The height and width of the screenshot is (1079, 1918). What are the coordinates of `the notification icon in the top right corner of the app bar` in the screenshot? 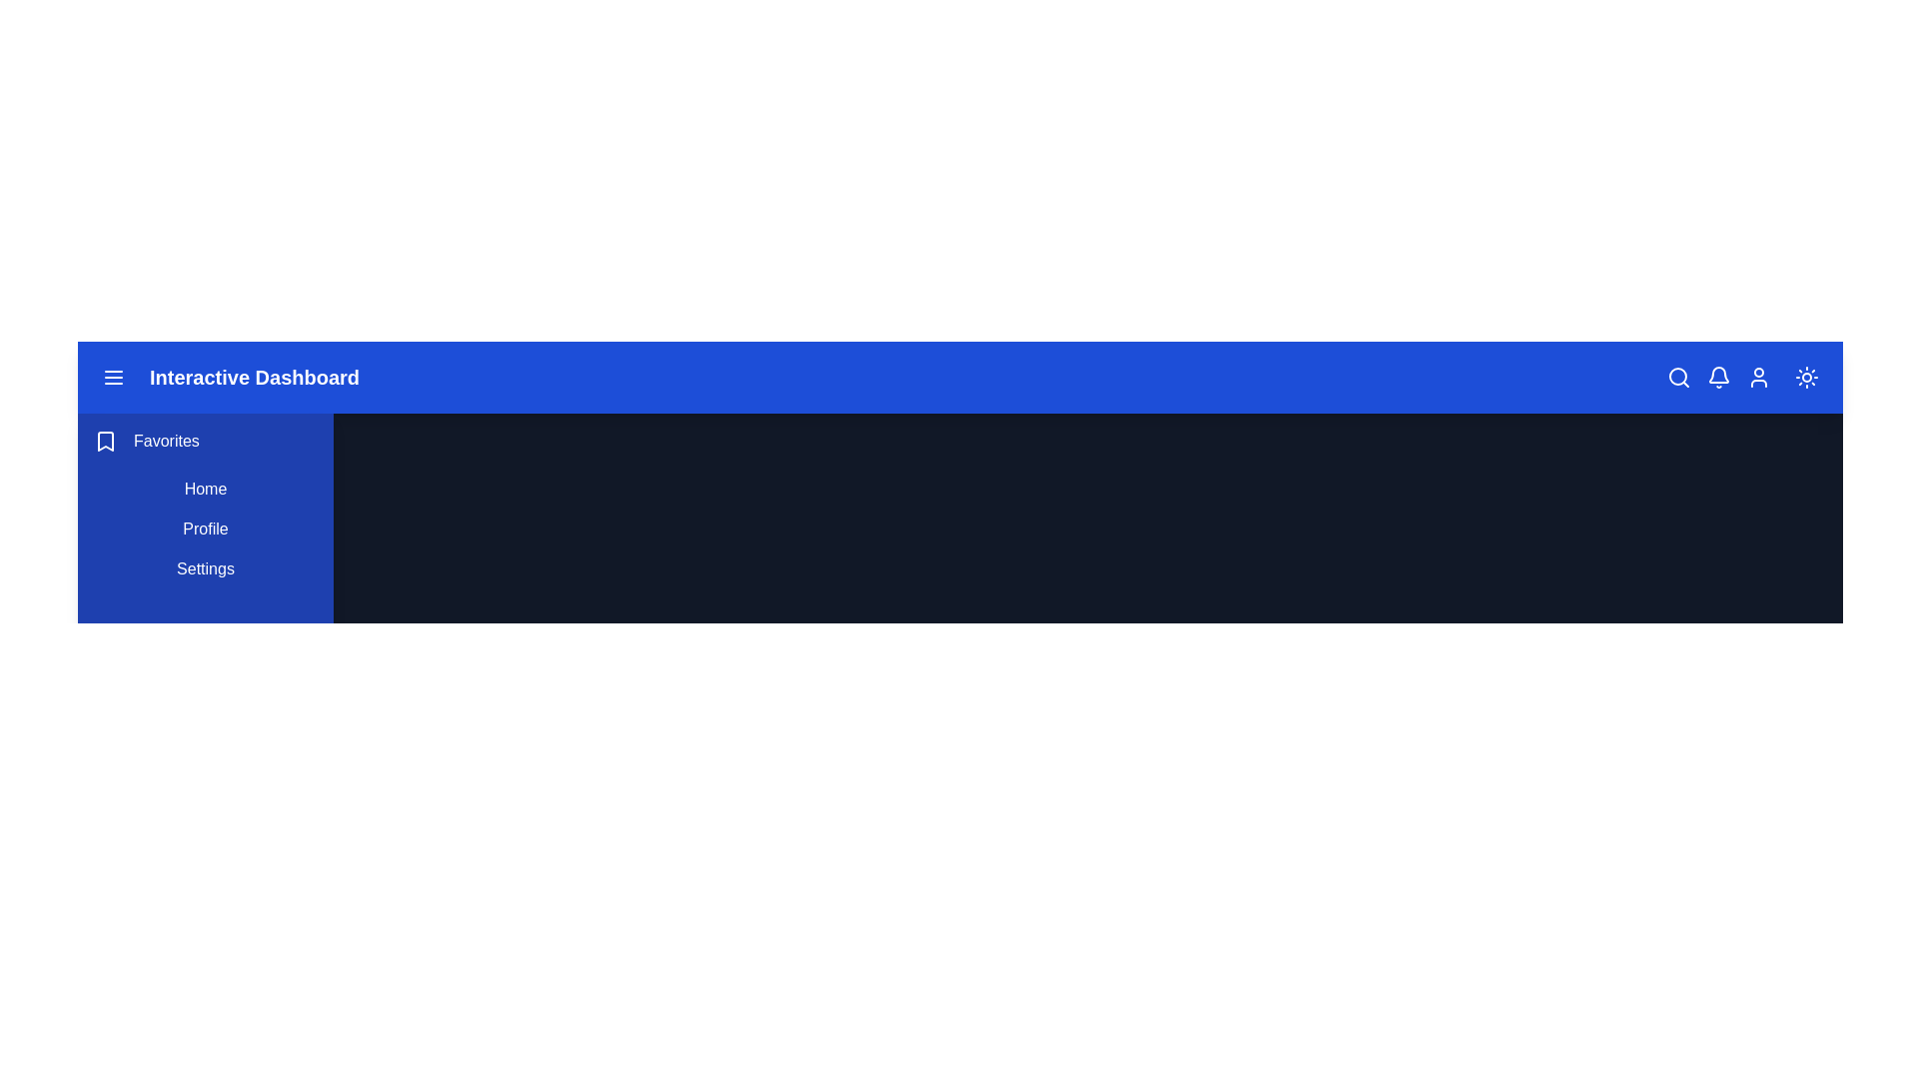 It's located at (1718, 378).